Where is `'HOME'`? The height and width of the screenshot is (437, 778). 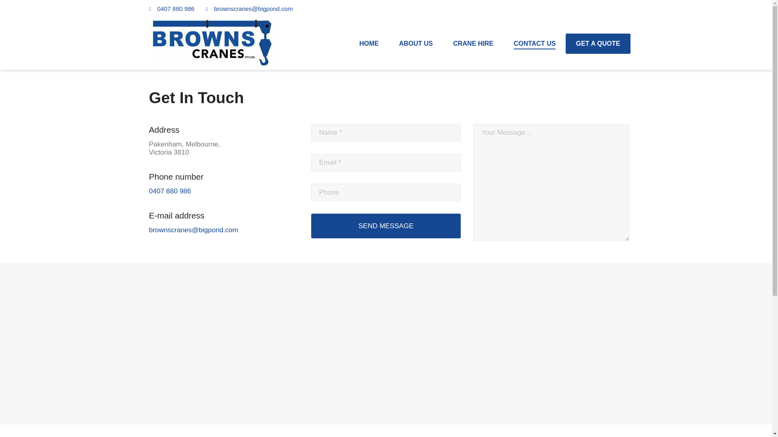 'HOME' is located at coordinates (369, 44).